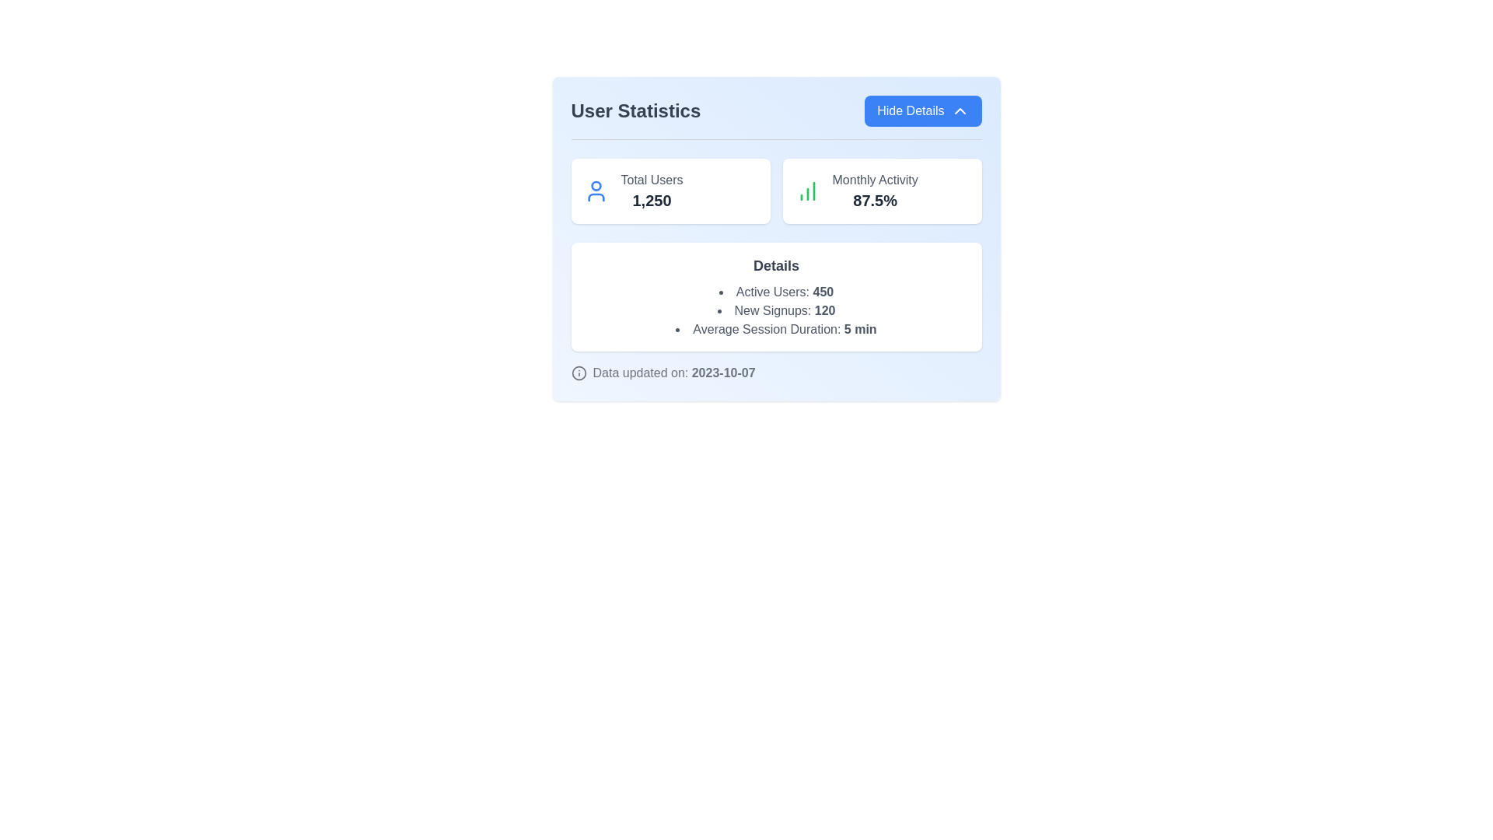  I want to click on text displaying the current number of active users, which is the first list item in the 'Details' card-like area, so click(776, 292).